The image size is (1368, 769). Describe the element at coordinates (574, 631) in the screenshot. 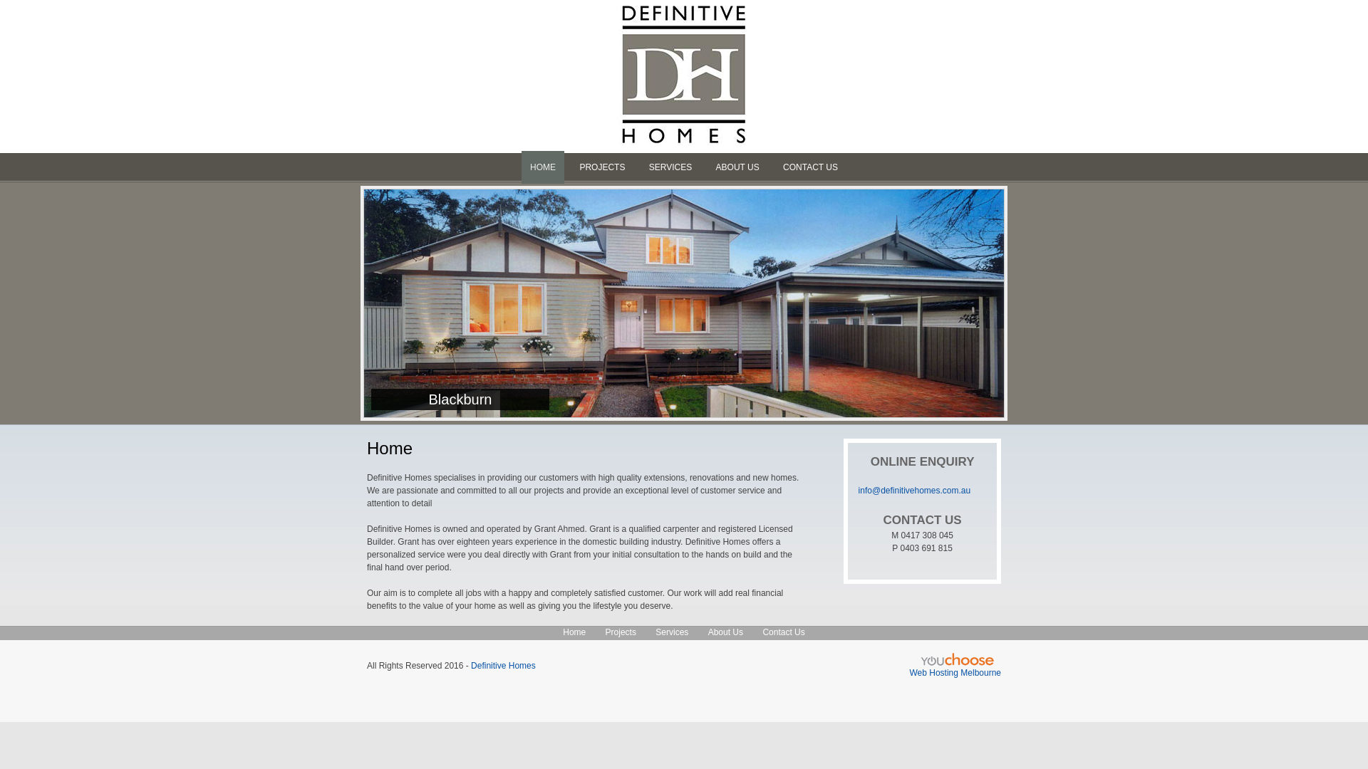

I see `'Home'` at that location.